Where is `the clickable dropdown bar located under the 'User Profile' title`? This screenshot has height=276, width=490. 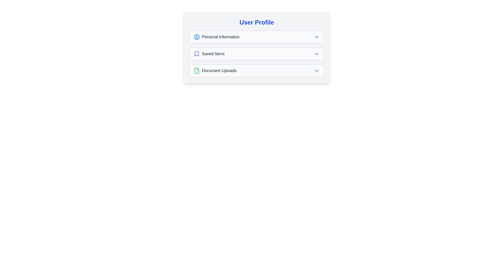
the clickable dropdown bar located under the 'User Profile' title is located at coordinates (257, 37).